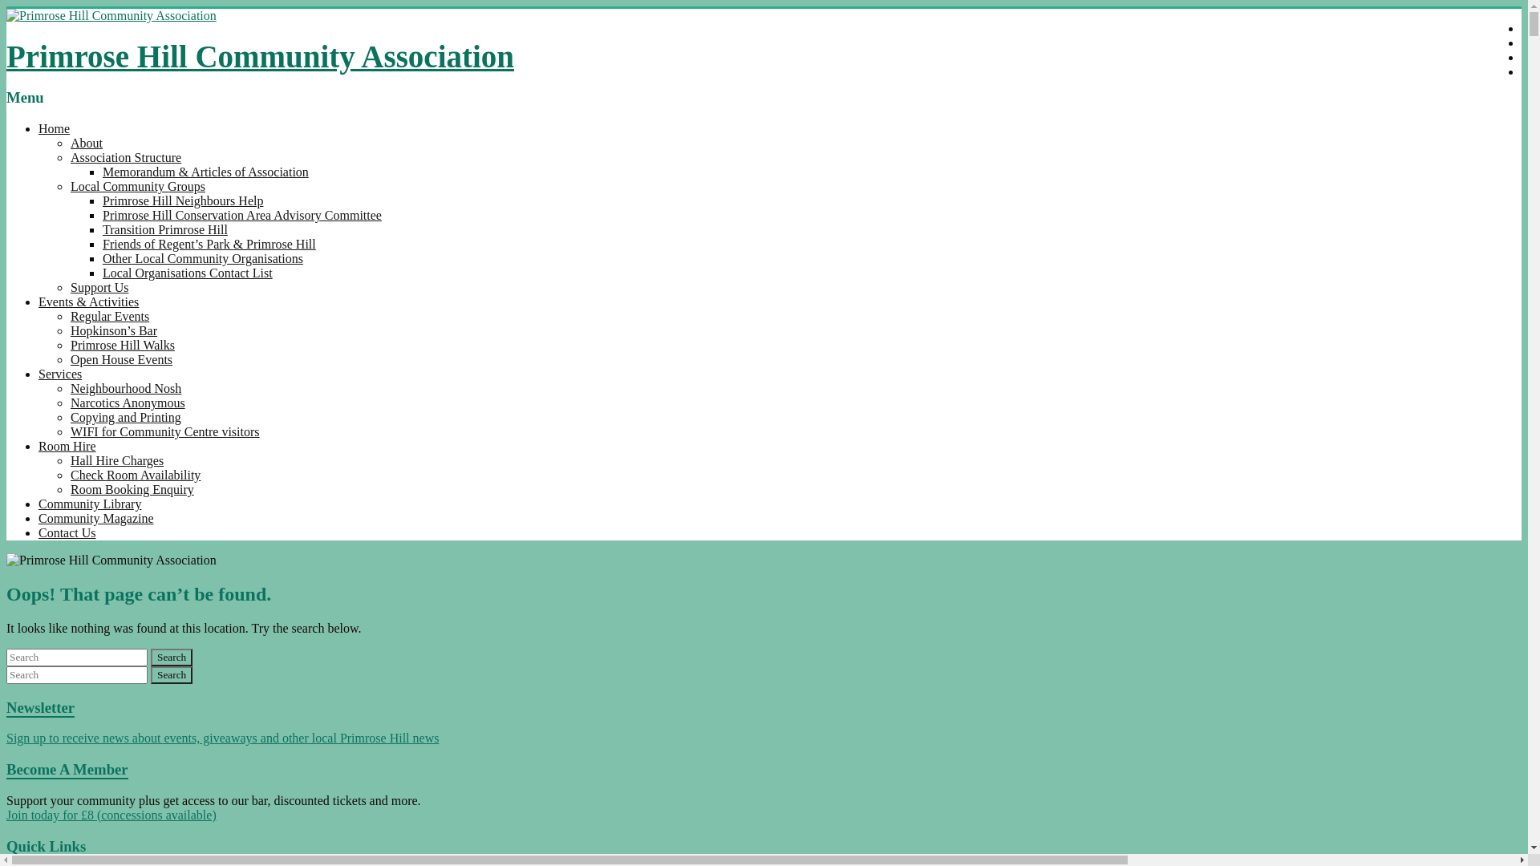 Image resolution: width=1540 pixels, height=866 pixels. Describe the element at coordinates (127, 402) in the screenshot. I see `'Narcotics Anonymous'` at that location.